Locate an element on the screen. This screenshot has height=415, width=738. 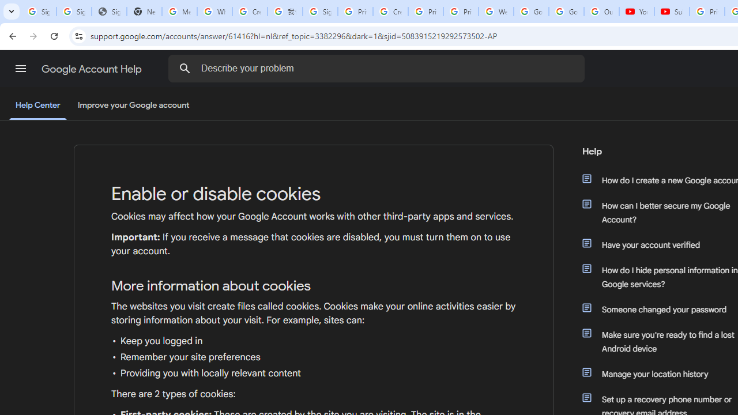
'Help Center' is located at coordinates (37, 105).